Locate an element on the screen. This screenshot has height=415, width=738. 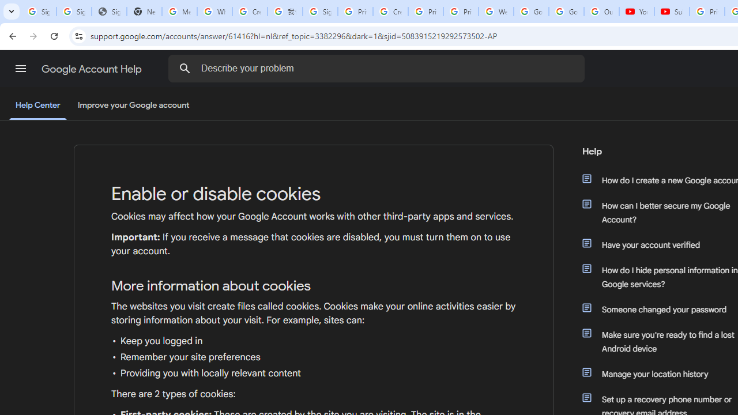
'Help Center' is located at coordinates (37, 105).